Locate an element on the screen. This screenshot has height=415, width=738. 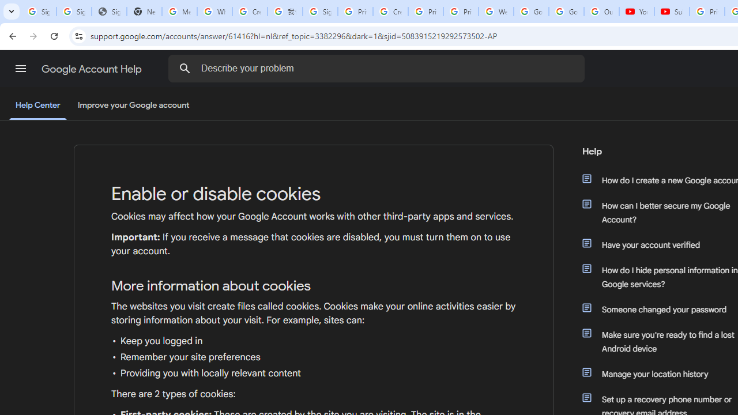
'Help Center' is located at coordinates (37, 105).